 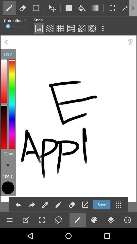 I want to click on open more options, so click(x=134, y=8).